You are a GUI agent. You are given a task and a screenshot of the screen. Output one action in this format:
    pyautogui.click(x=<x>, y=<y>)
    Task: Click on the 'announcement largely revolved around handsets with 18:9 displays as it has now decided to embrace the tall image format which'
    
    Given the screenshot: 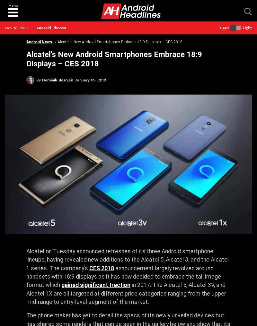 What is the action you would take?
    pyautogui.click(x=123, y=276)
    